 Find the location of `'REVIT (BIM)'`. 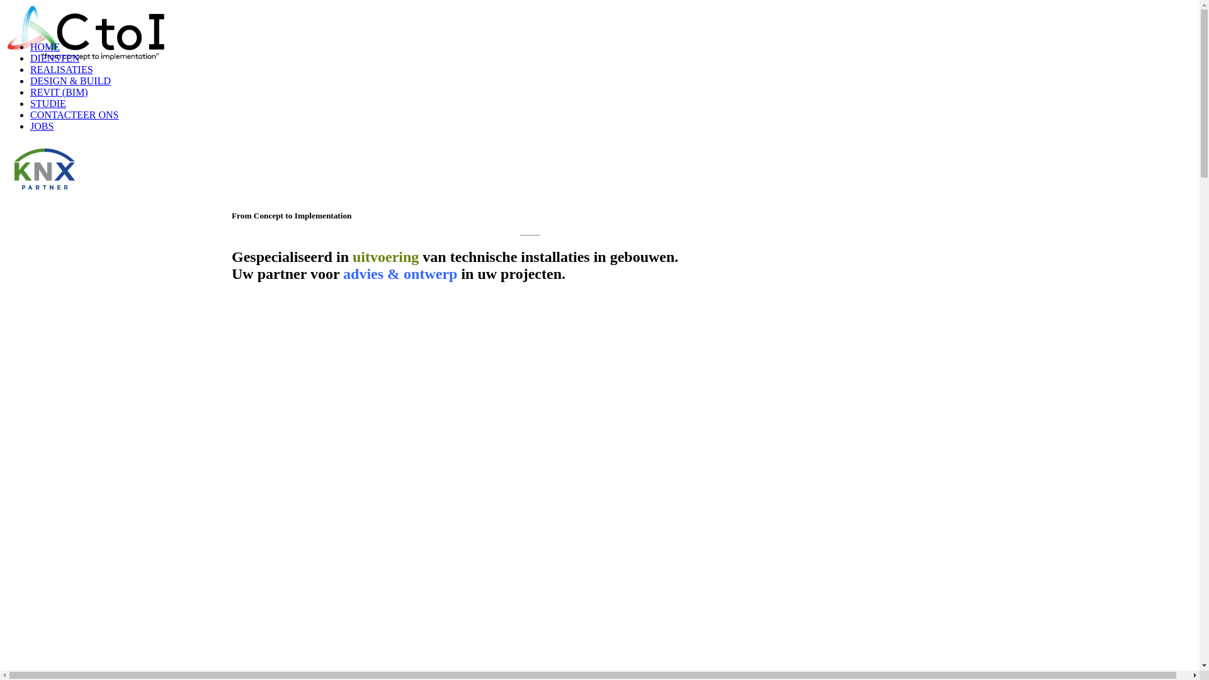

'REVIT (BIM)' is located at coordinates (59, 91).